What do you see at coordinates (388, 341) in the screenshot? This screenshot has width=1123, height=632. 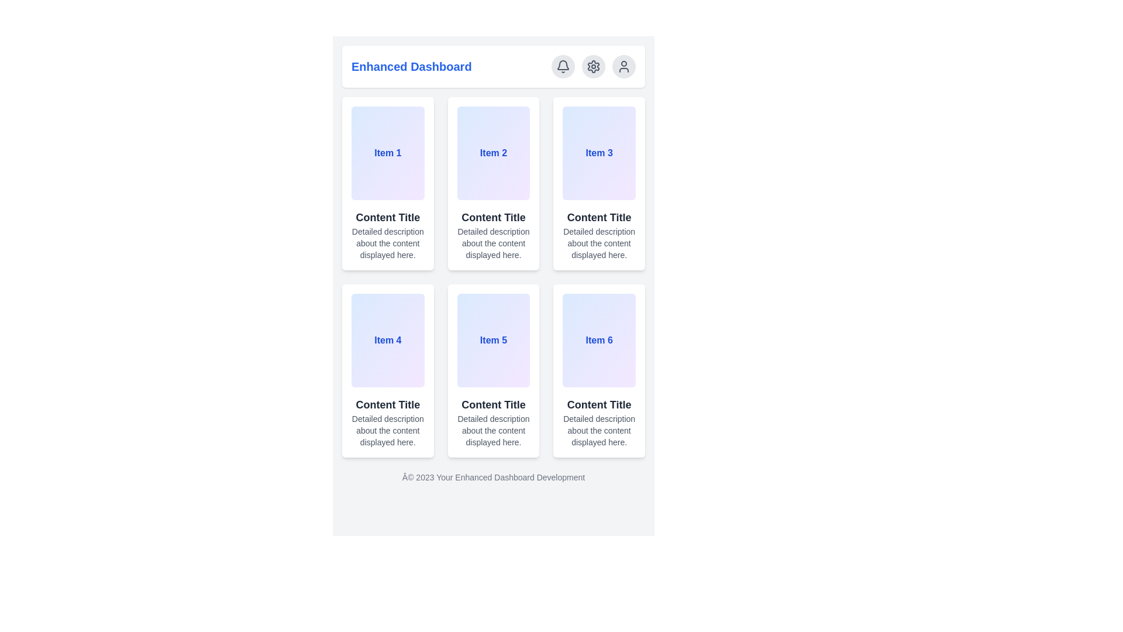 I see `the bold blue text label displaying 'Item 4' located inside the fourth card in the grid, aligned in the second row and first column` at bounding box center [388, 341].